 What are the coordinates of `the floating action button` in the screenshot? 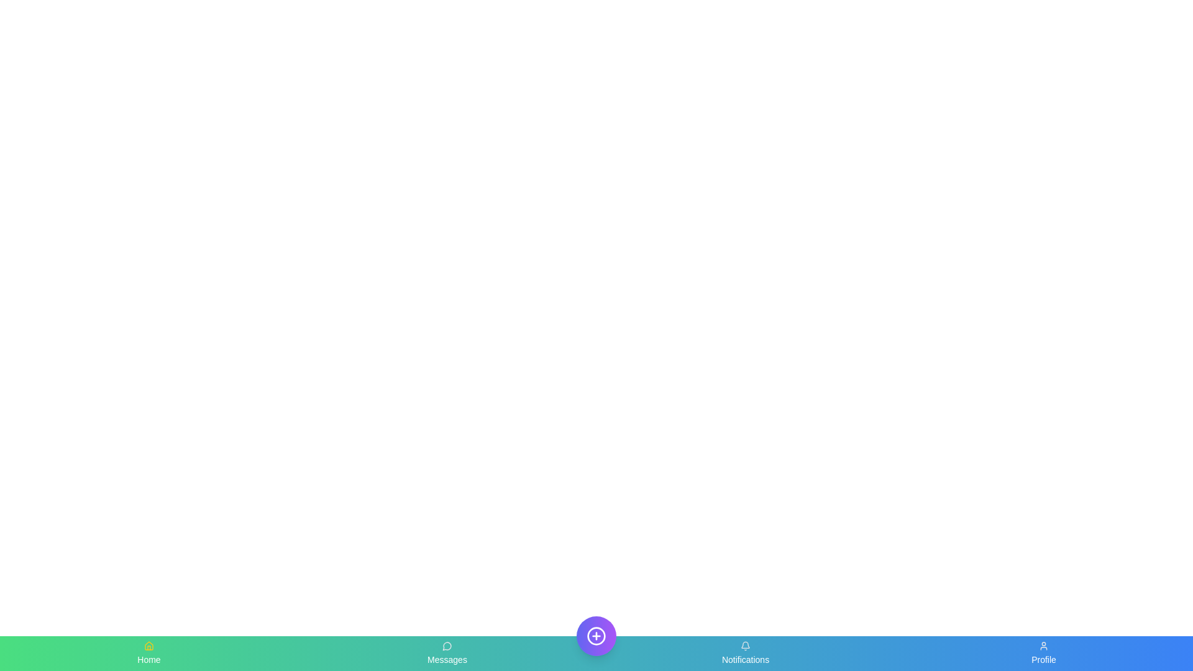 It's located at (596, 636).